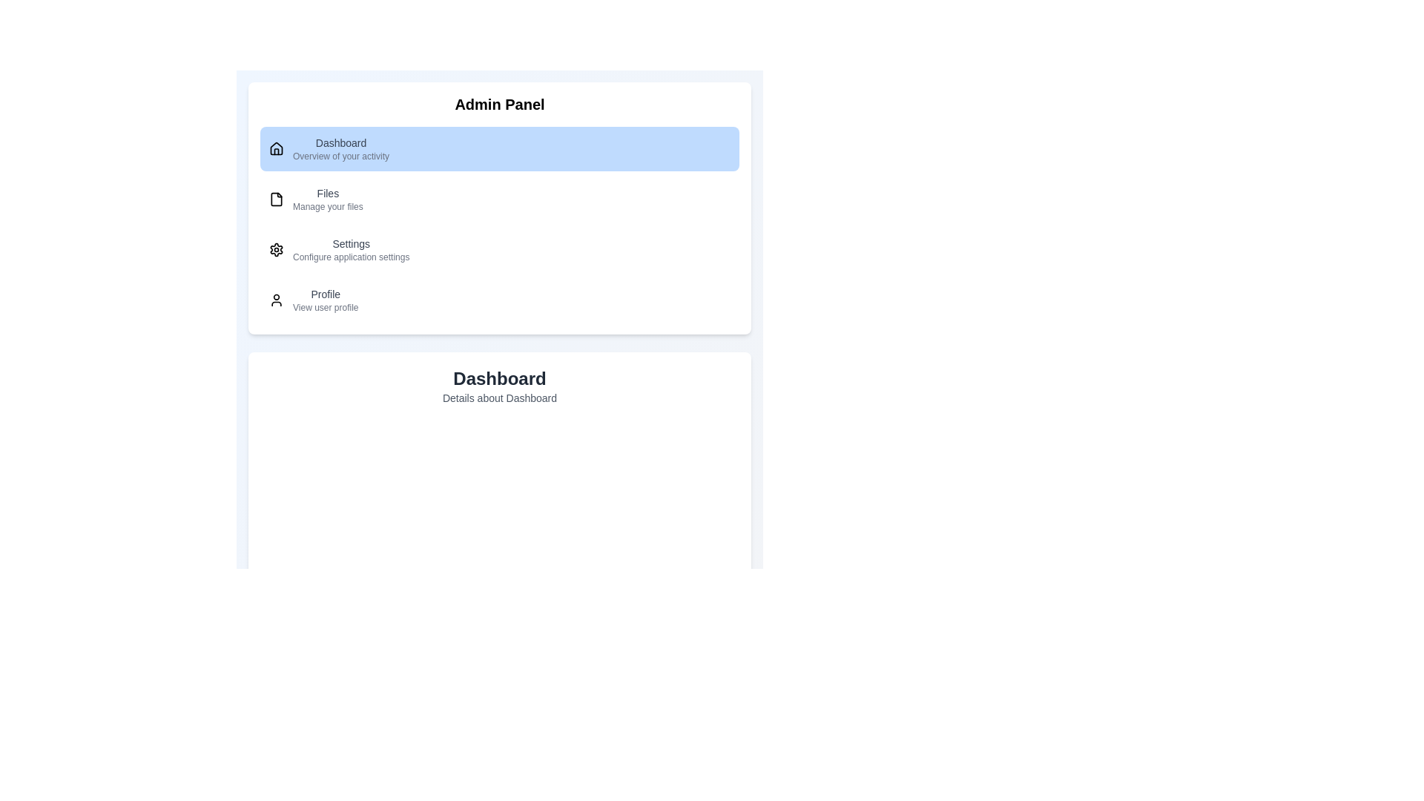 The image size is (1424, 801). What do you see at coordinates (350, 248) in the screenshot?
I see `the description of the menu item Settings` at bounding box center [350, 248].